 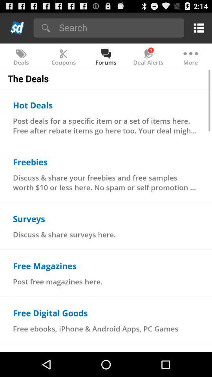 I want to click on the item below post free magazines, so click(x=50, y=313).